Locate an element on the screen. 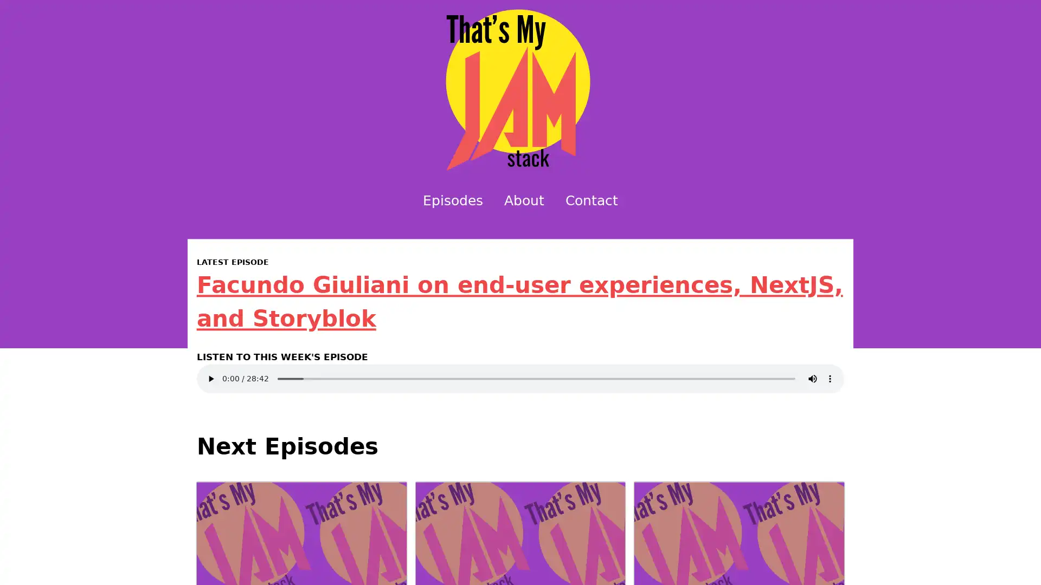 This screenshot has width=1041, height=585. mute is located at coordinates (812, 378).